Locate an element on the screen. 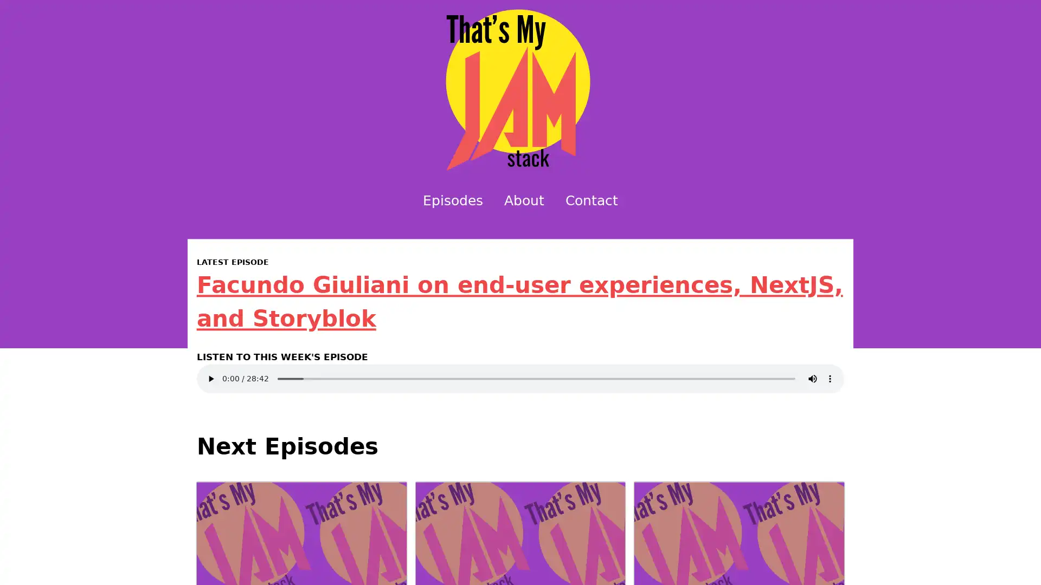 This screenshot has width=1041, height=585. mute is located at coordinates (812, 378).